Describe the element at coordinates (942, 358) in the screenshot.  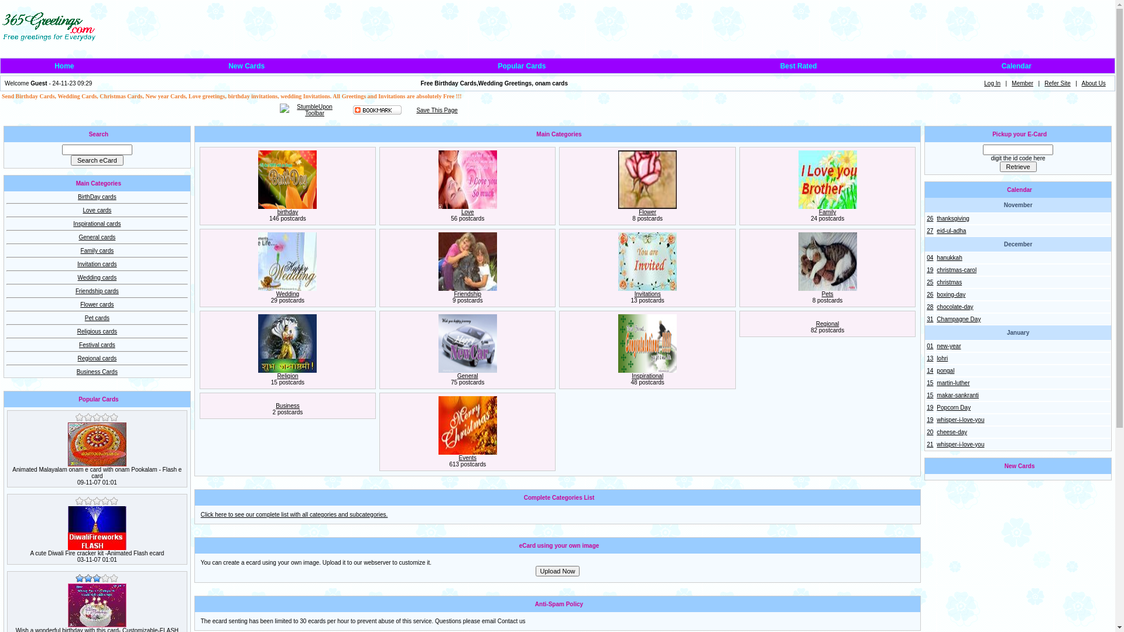
I see `'lohri'` at that location.